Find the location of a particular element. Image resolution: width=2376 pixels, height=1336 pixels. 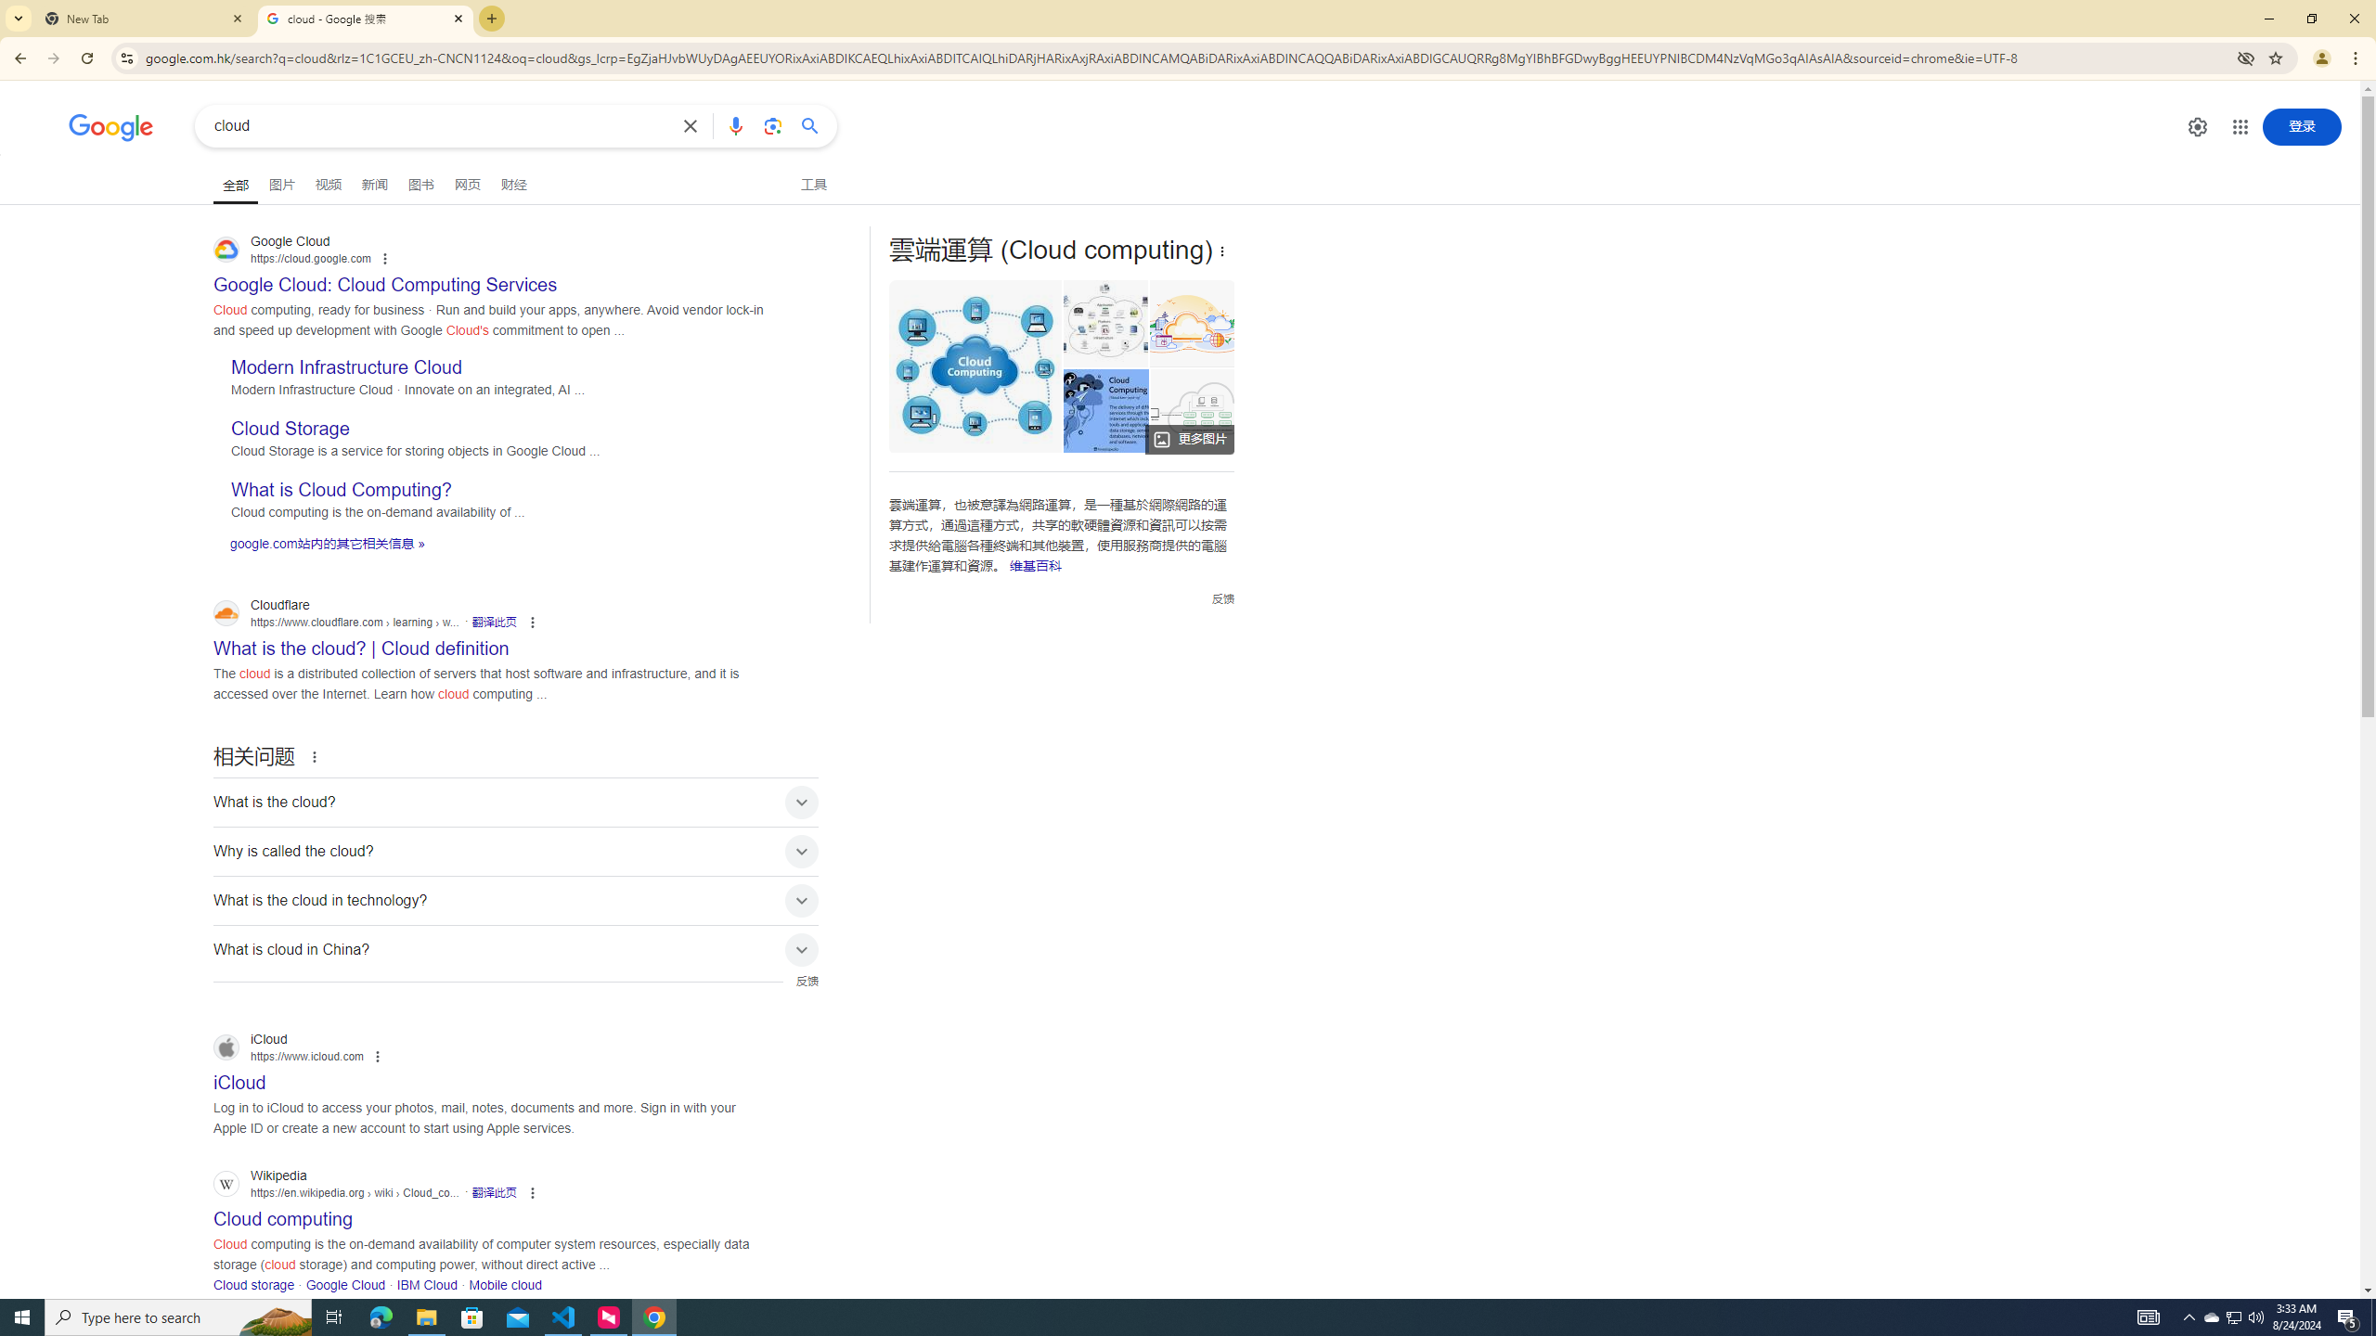

'What is Cloud Computing?' is located at coordinates (340, 490).